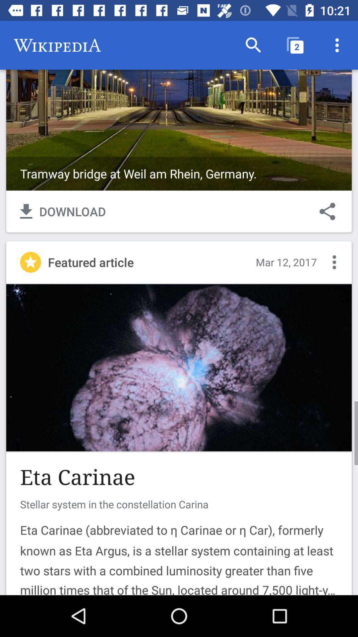  What do you see at coordinates (334, 262) in the screenshot?
I see `option additional options and settings` at bounding box center [334, 262].